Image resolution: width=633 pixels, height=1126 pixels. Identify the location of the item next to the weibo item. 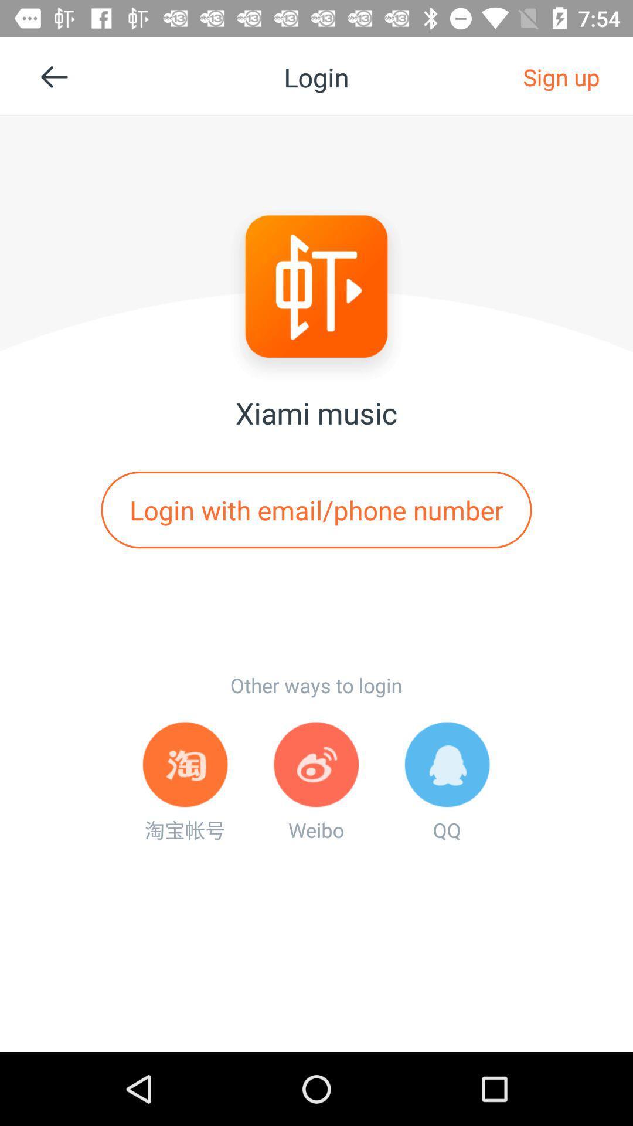
(185, 782).